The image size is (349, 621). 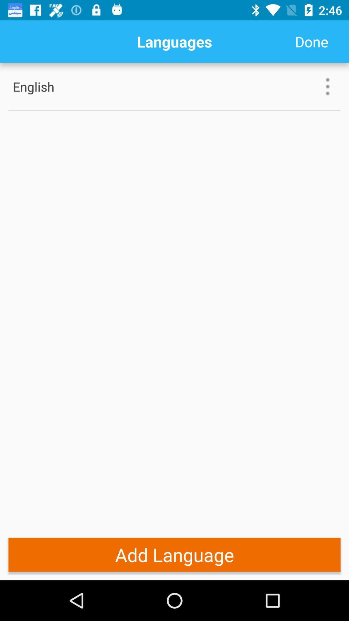 What do you see at coordinates (54, 86) in the screenshot?
I see `the english at the top left corner` at bounding box center [54, 86].